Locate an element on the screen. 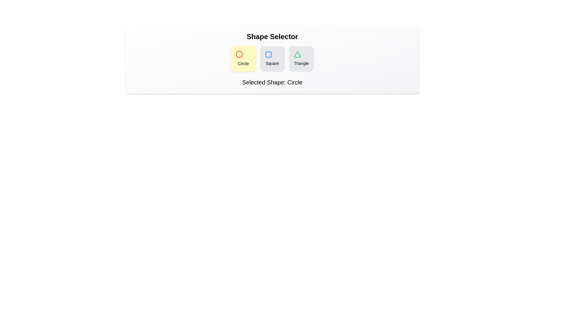 The height and width of the screenshot is (320, 569). the button corresponding to Circle to select it is located at coordinates (243, 58).